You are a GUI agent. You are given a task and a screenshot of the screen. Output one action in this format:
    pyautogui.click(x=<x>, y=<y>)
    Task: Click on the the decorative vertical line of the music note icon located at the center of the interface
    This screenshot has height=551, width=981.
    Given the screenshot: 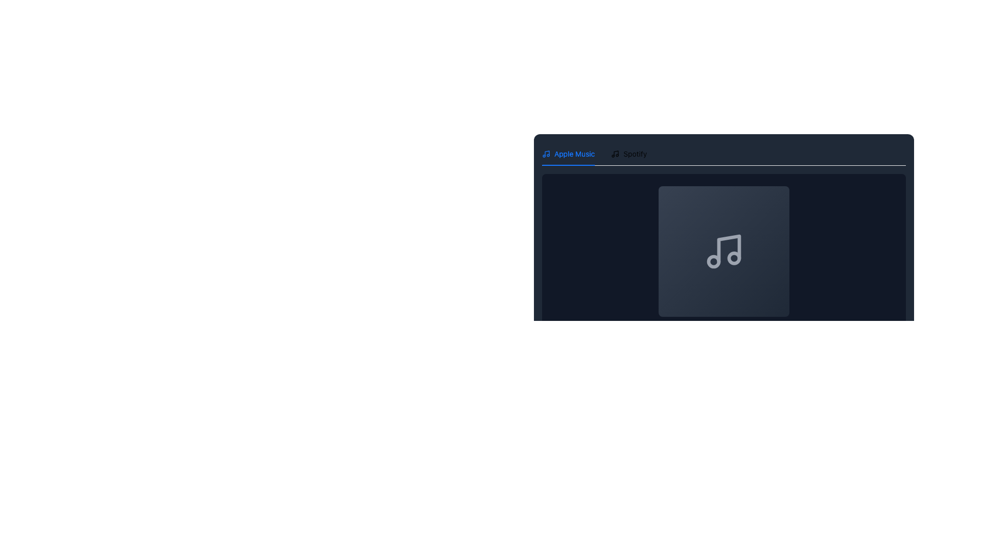 What is the action you would take?
    pyautogui.click(x=728, y=249)
    